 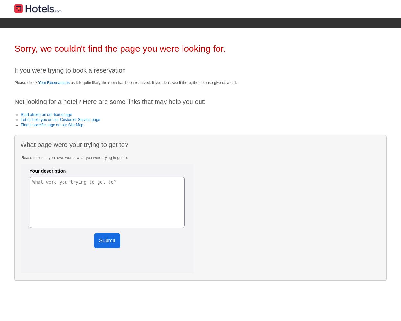 I want to click on 'as it is quite likely the room has been reserved. If you don't see it there, then please give us a call.', so click(x=153, y=82).